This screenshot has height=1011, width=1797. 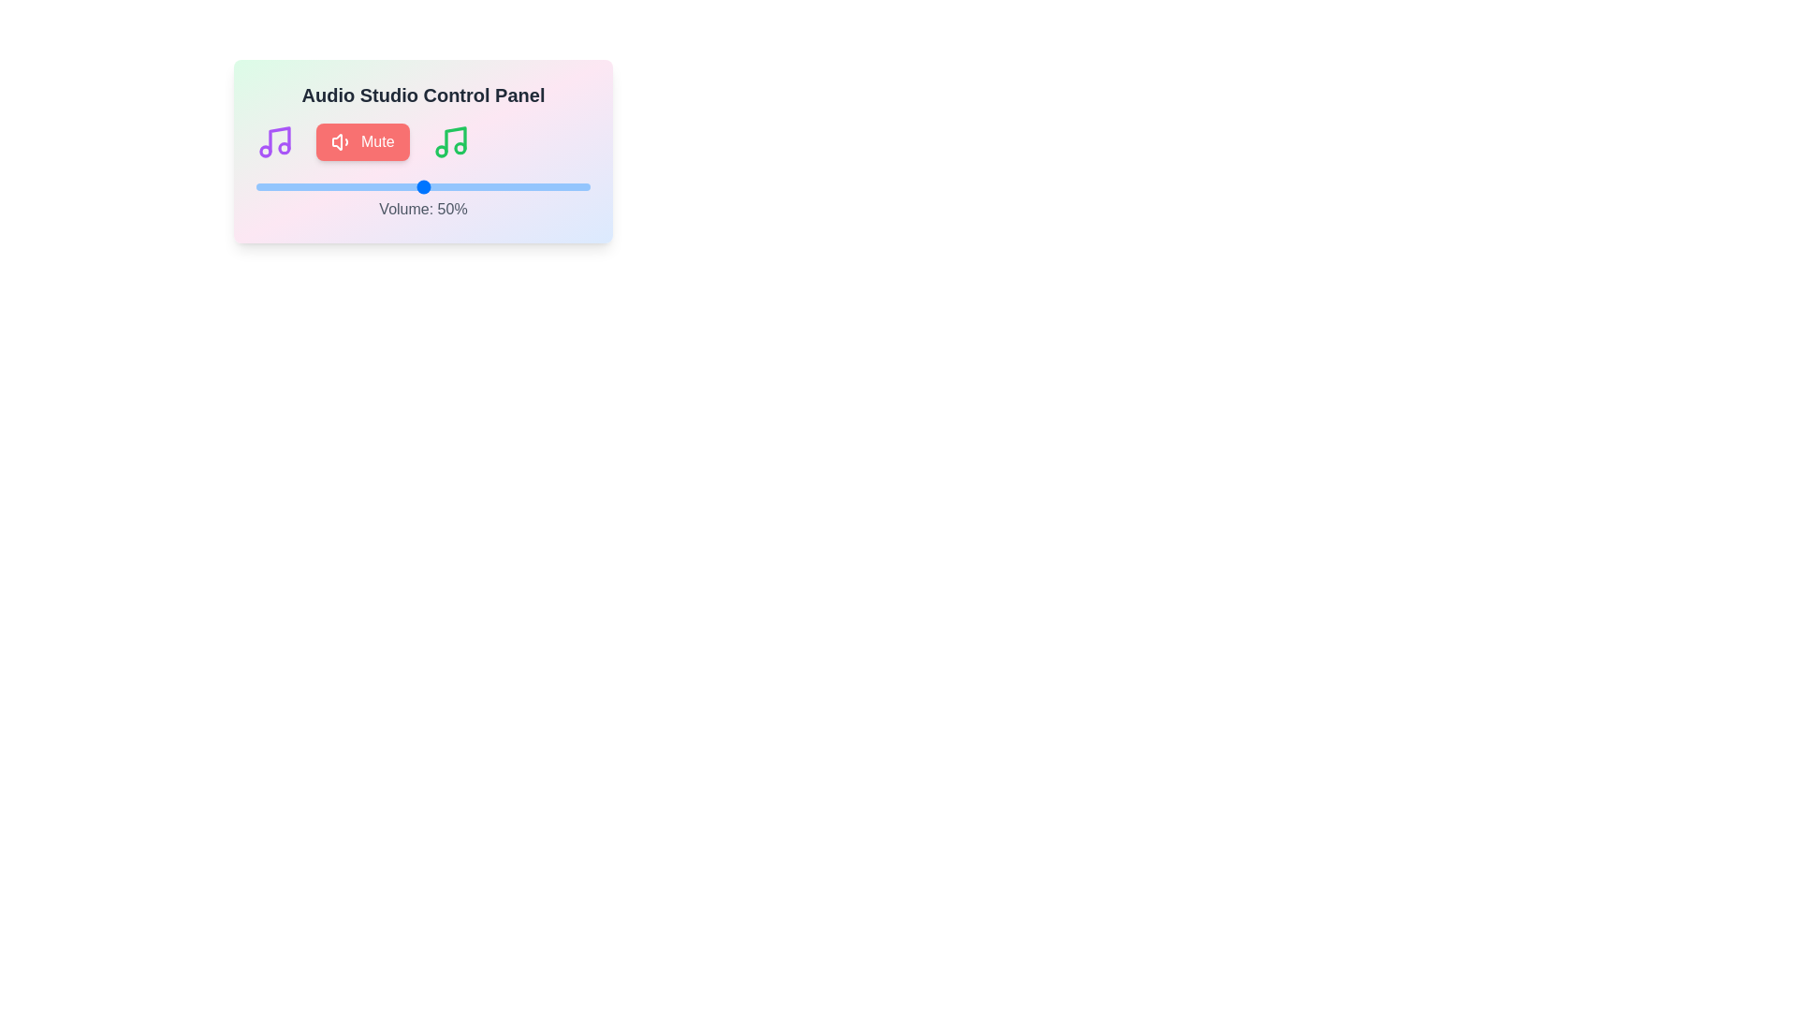 I want to click on the 'Mute' button to toggle the mute state, so click(x=362, y=140).